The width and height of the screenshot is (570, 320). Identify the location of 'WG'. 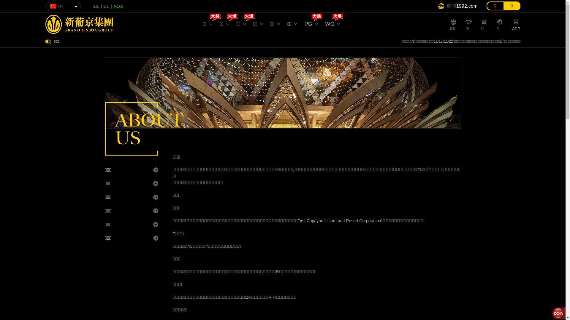
(324, 25).